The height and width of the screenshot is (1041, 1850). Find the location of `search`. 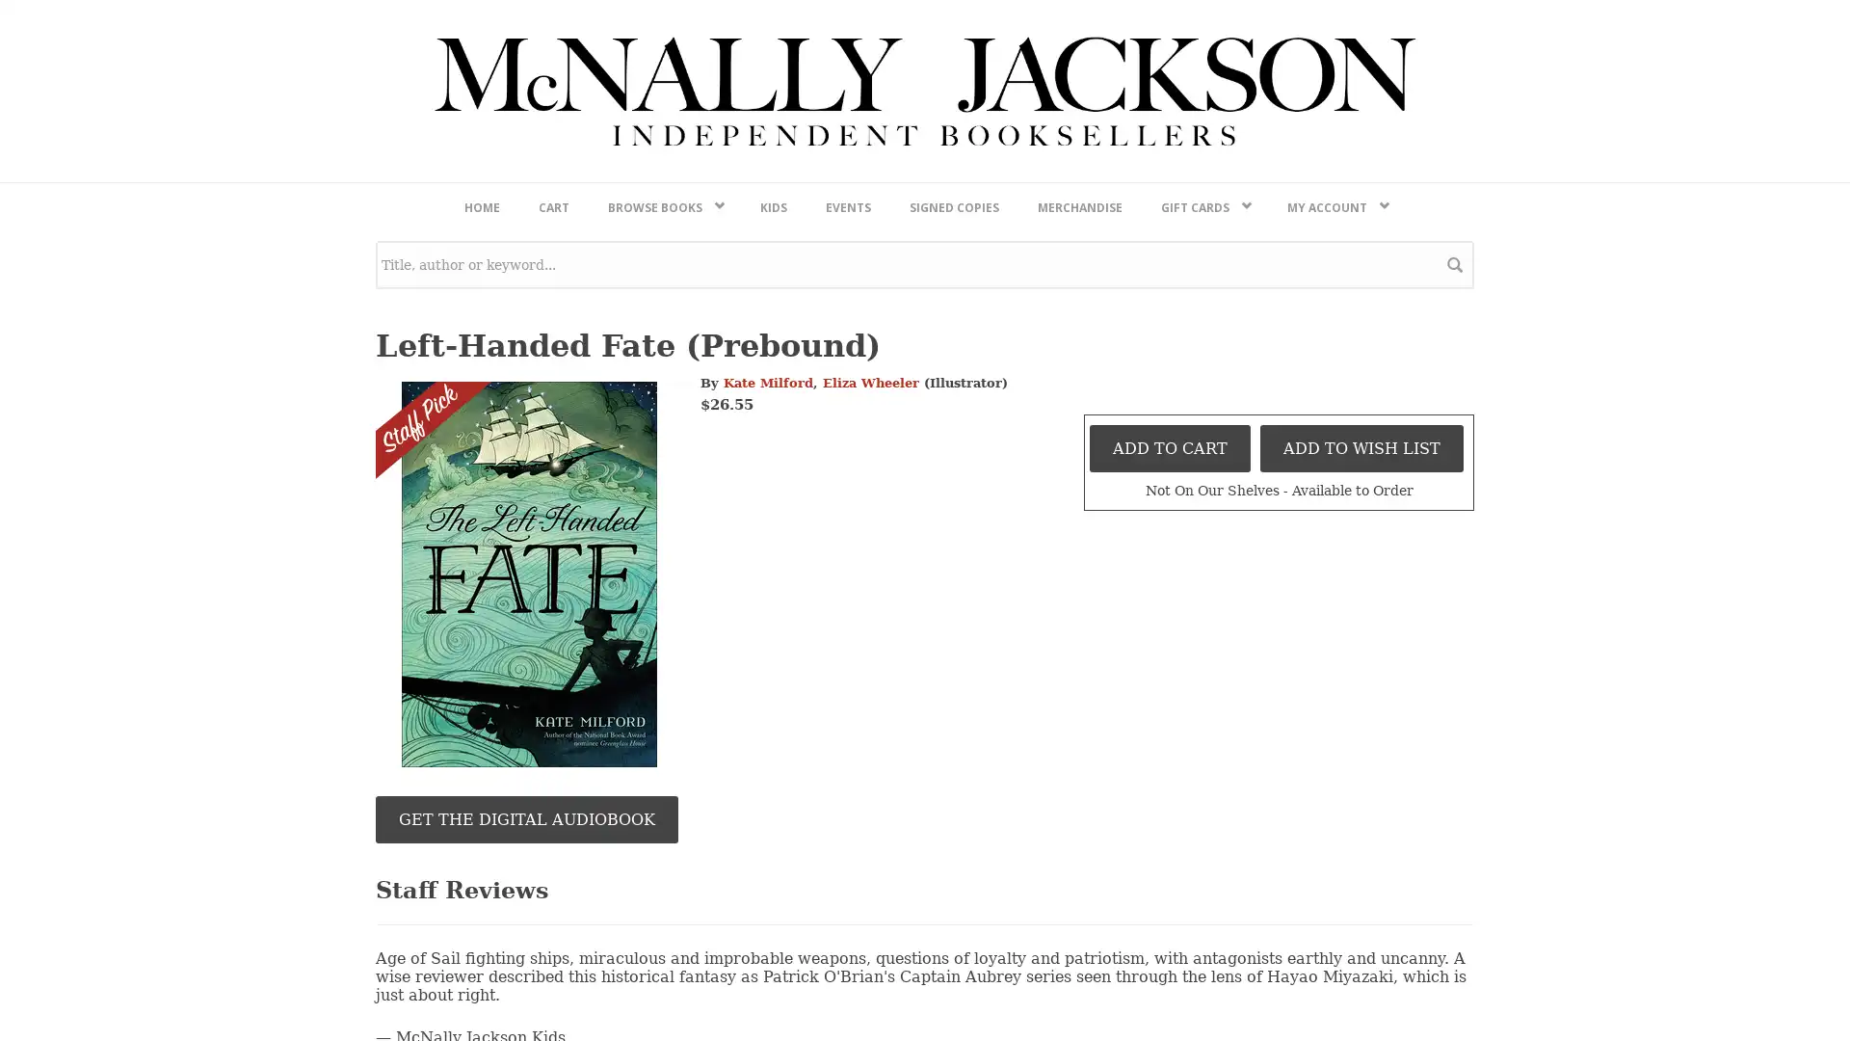

search is located at coordinates (1455, 771).